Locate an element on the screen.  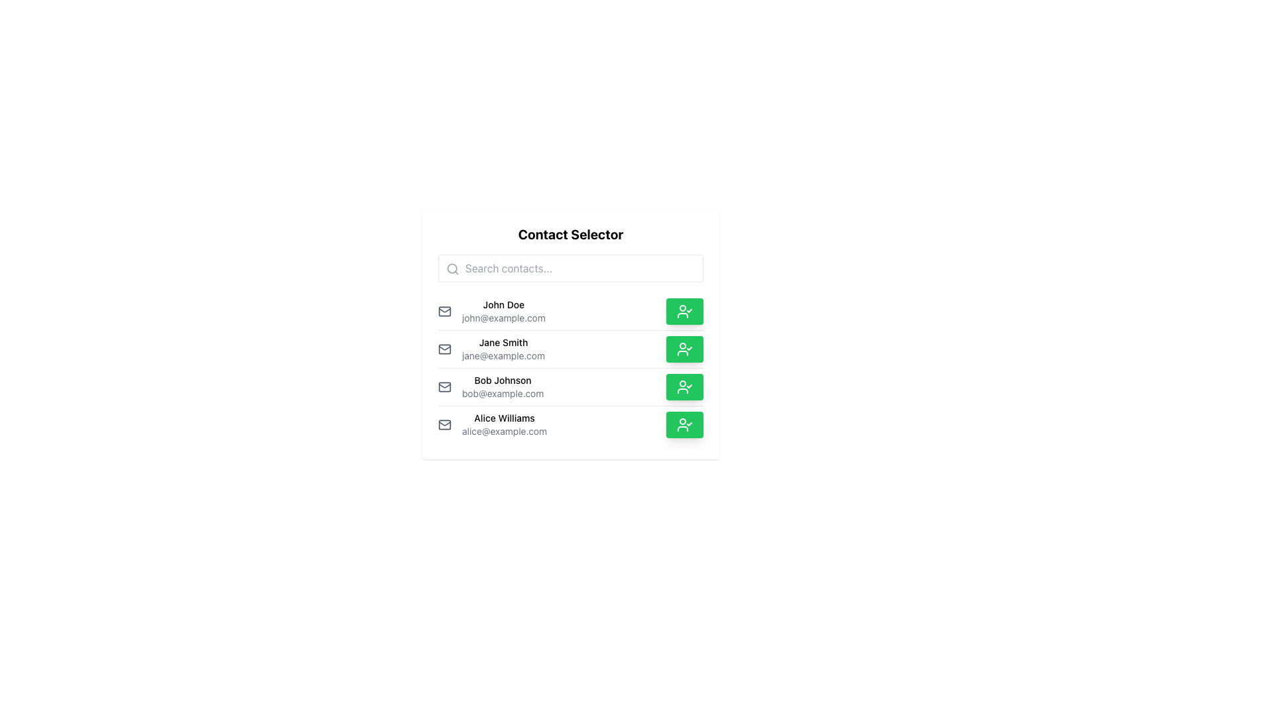
the Text and contact information display showing 'Alice Williams' and 'alice@example.com' is located at coordinates (504, 424).